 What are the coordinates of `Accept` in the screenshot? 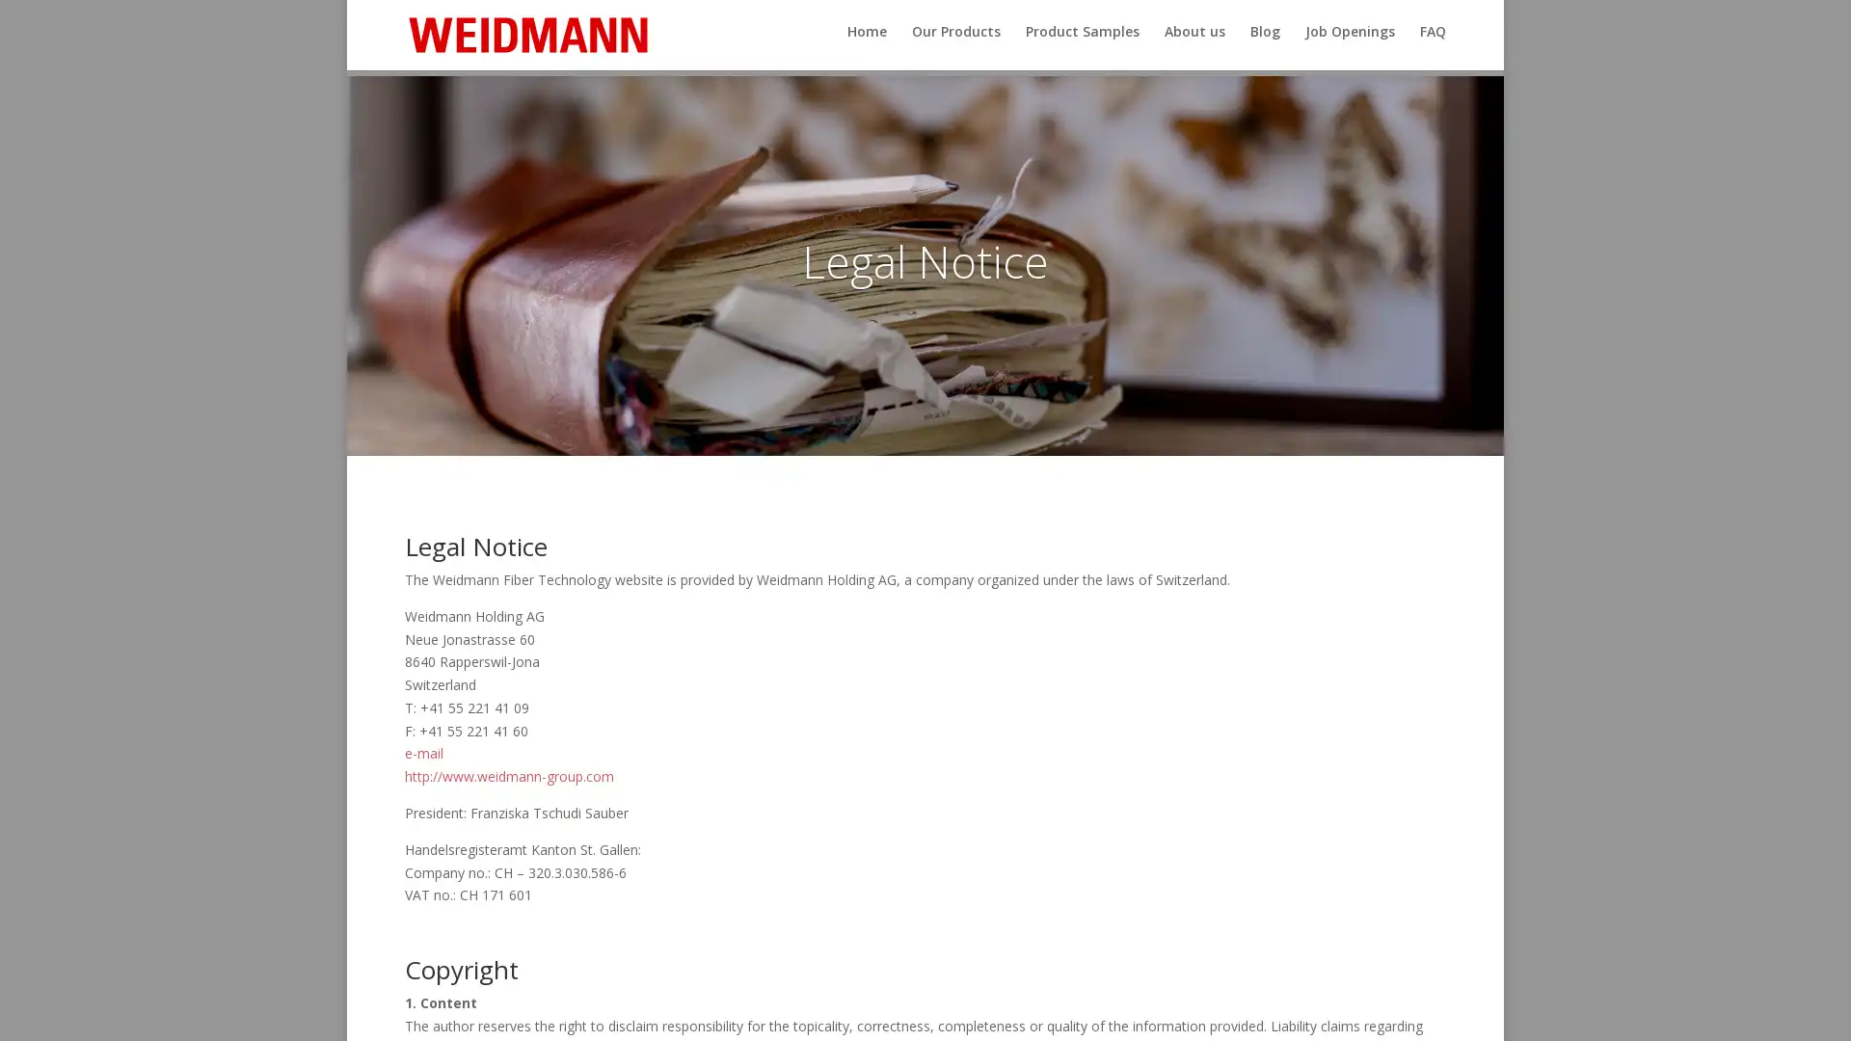 It's located at (1223, 1010).